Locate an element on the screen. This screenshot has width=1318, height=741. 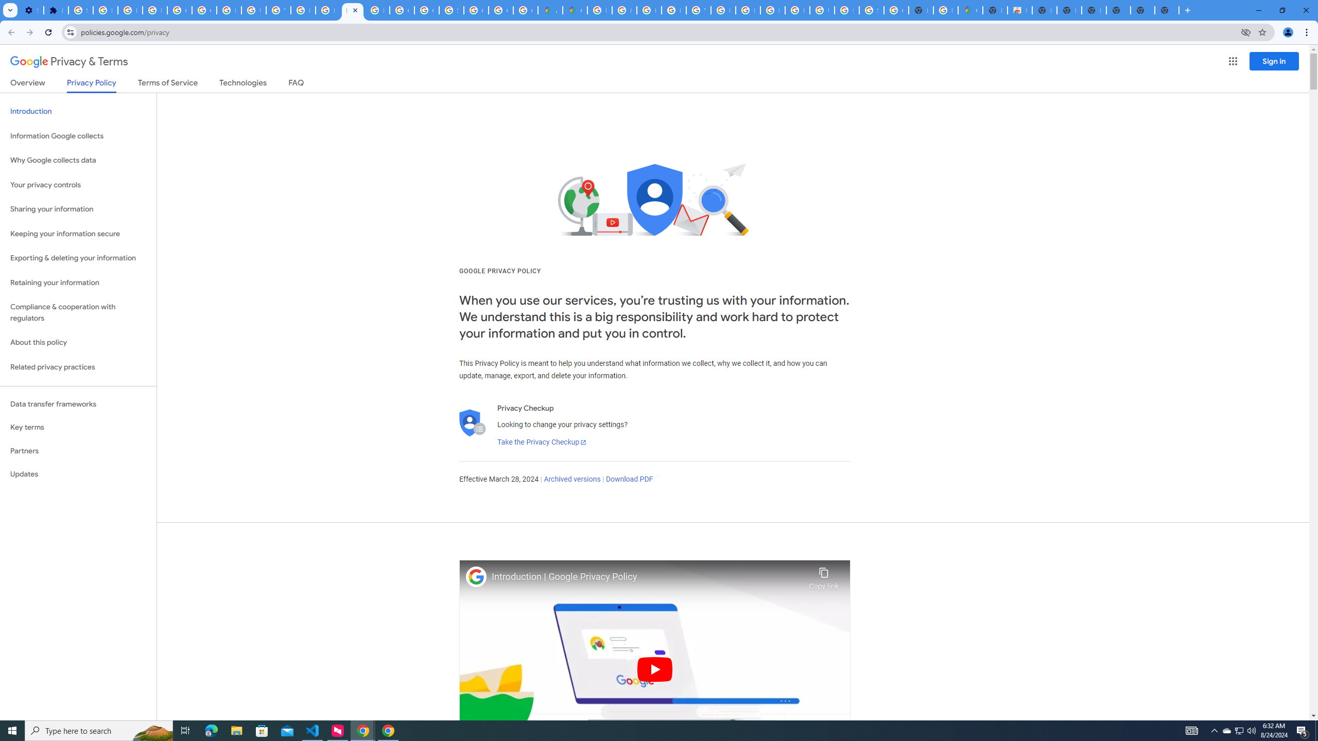
'Sharing your information' is located at coordinates (78, 208).